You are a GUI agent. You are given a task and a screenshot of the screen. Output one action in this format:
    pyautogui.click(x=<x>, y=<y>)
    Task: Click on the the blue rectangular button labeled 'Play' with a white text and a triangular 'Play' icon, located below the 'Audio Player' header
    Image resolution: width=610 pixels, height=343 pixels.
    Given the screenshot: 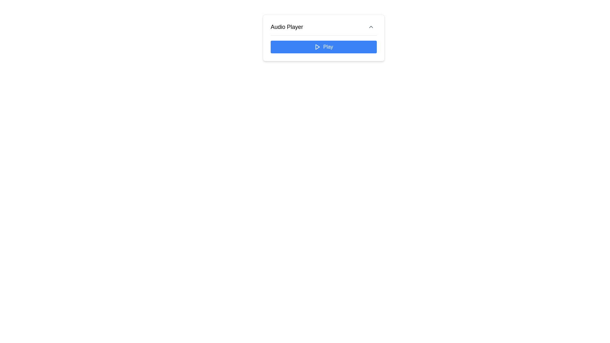 What is the action you would take?
    pyautogui.click(x=323, y=46)
    